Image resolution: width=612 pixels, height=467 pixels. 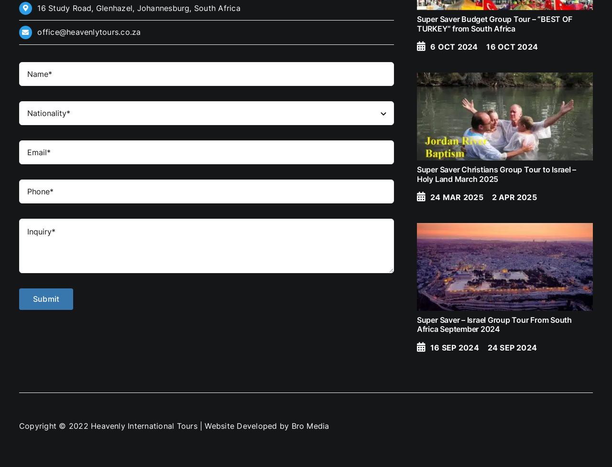 I want to click on '16 Sep 2024', so click(x=454, y=347).